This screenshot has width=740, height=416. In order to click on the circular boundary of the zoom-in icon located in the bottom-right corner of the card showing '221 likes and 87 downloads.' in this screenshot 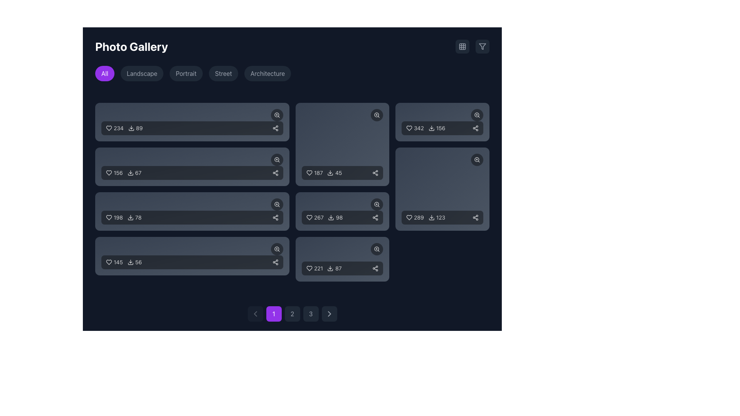, I will do `click(377, 249)`.